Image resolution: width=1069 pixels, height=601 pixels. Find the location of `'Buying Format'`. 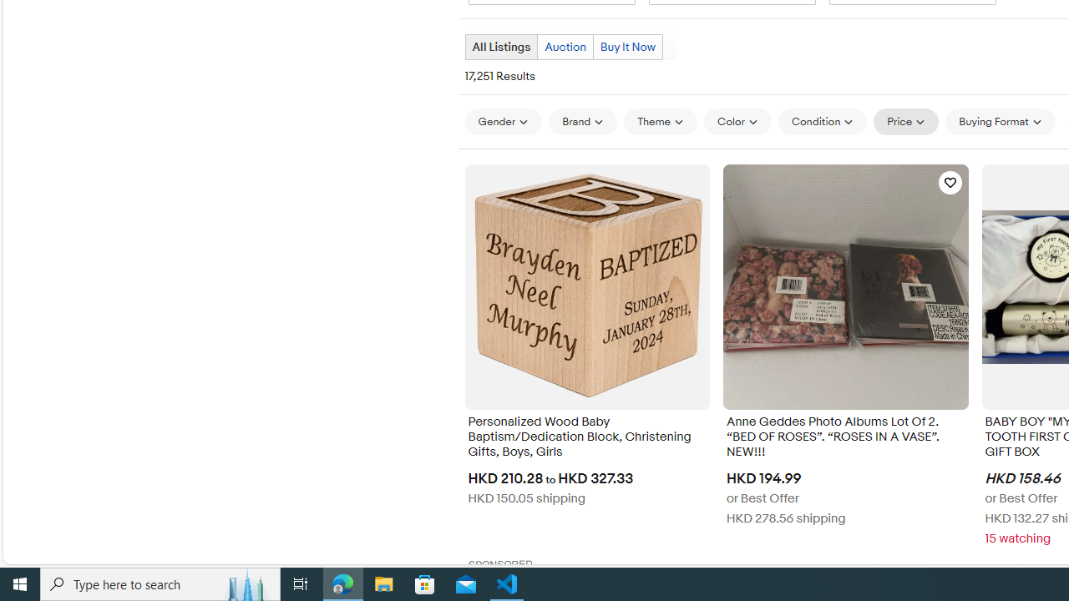

'Buying Format' is located at coordinates (1001, 120).